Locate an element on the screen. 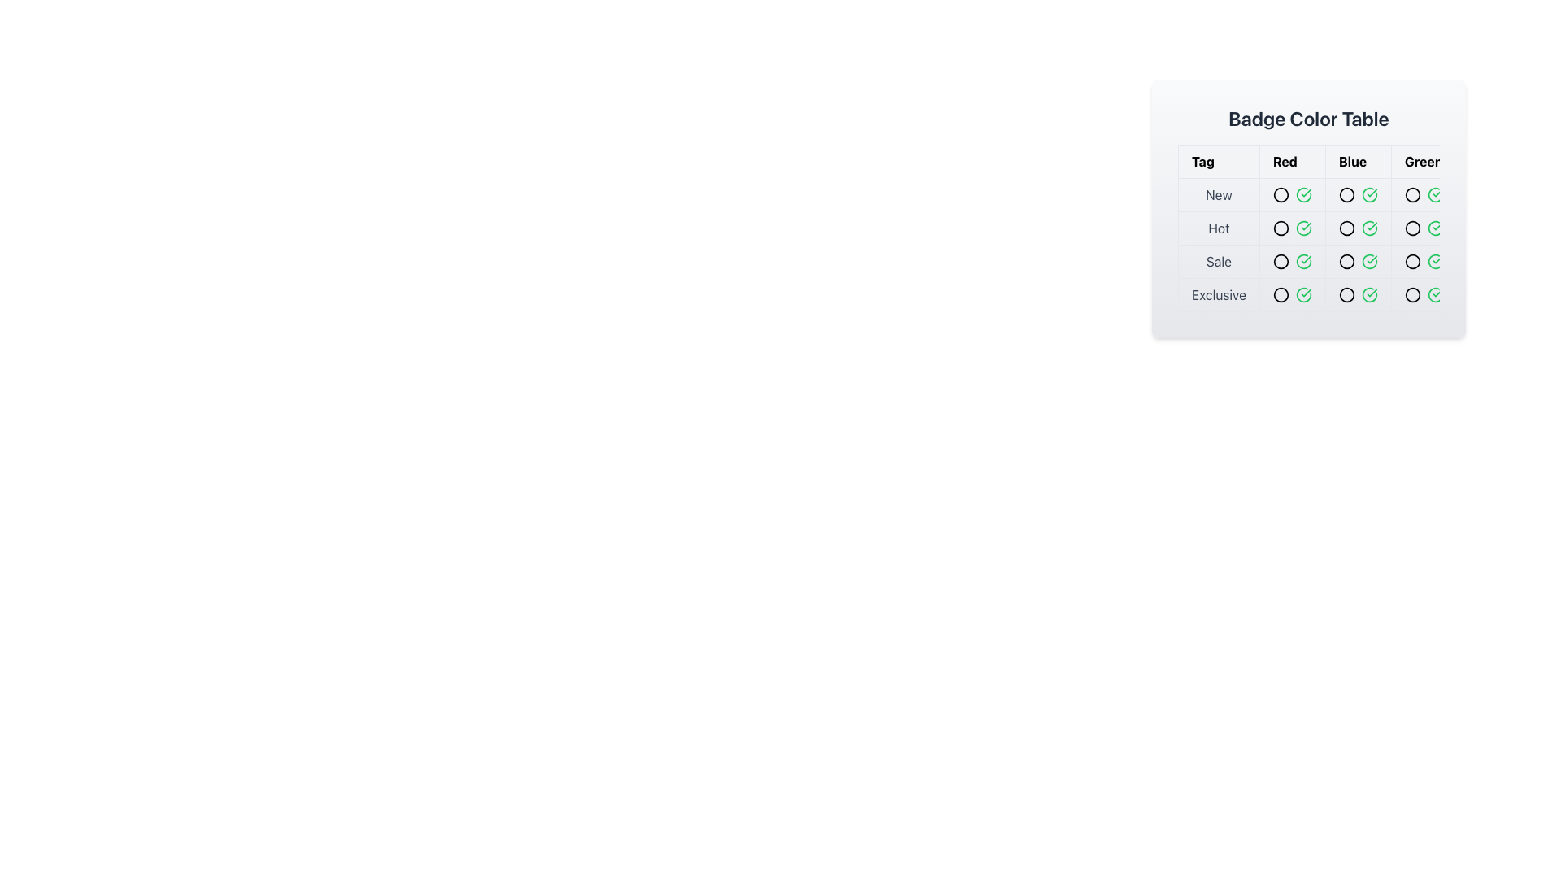 The width and height of the screenshot is (1561, 878). the Icon Pair in the 'New' row under the 'Blue' category is located at coordinates (1358, 193).